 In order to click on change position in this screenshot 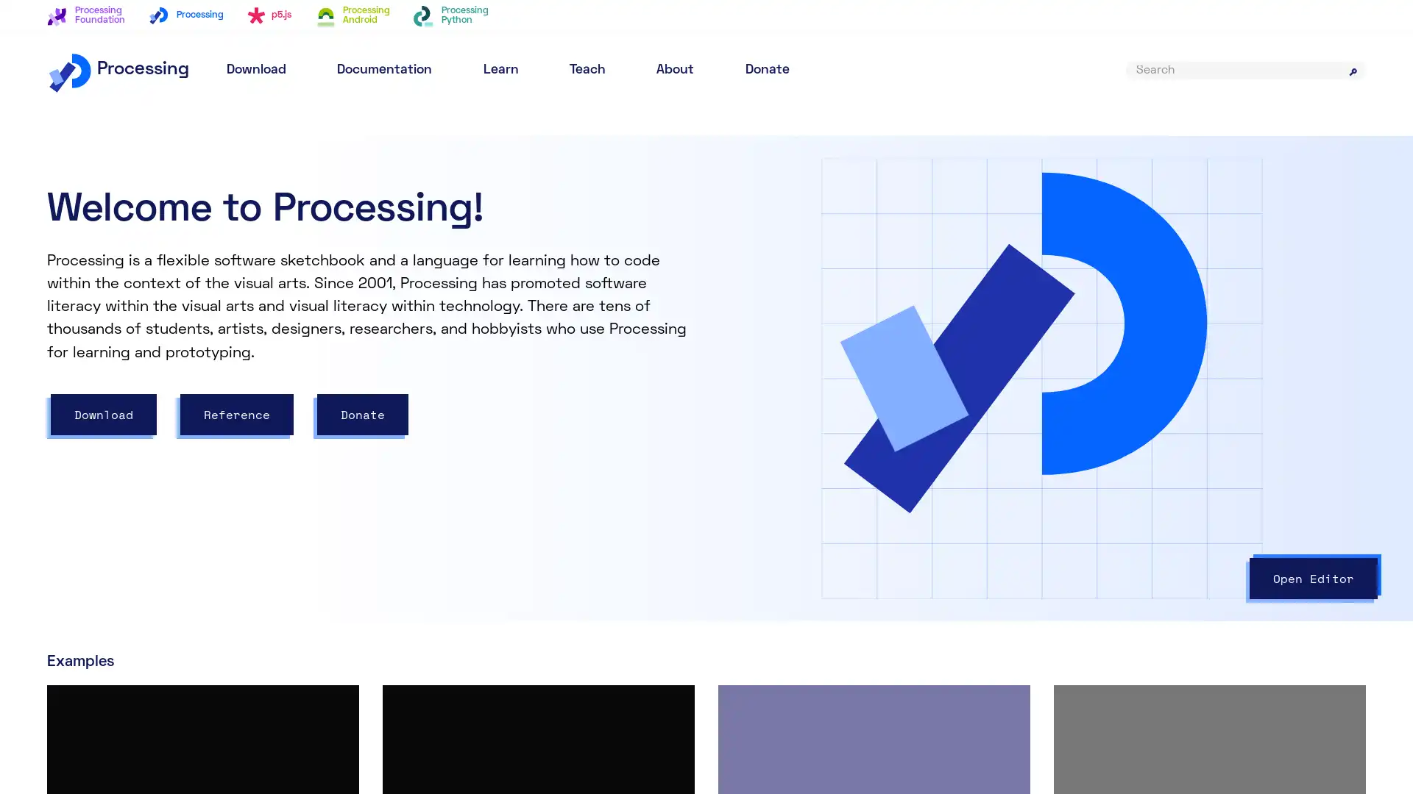, I will do `click(858, 436)`.